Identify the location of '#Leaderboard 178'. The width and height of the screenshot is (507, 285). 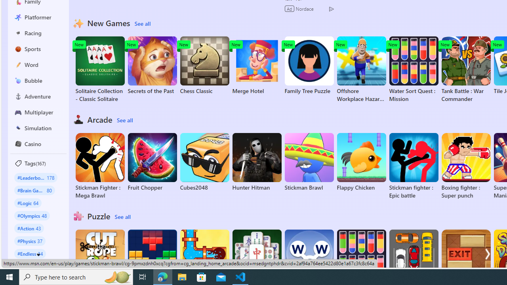
(35, 177).